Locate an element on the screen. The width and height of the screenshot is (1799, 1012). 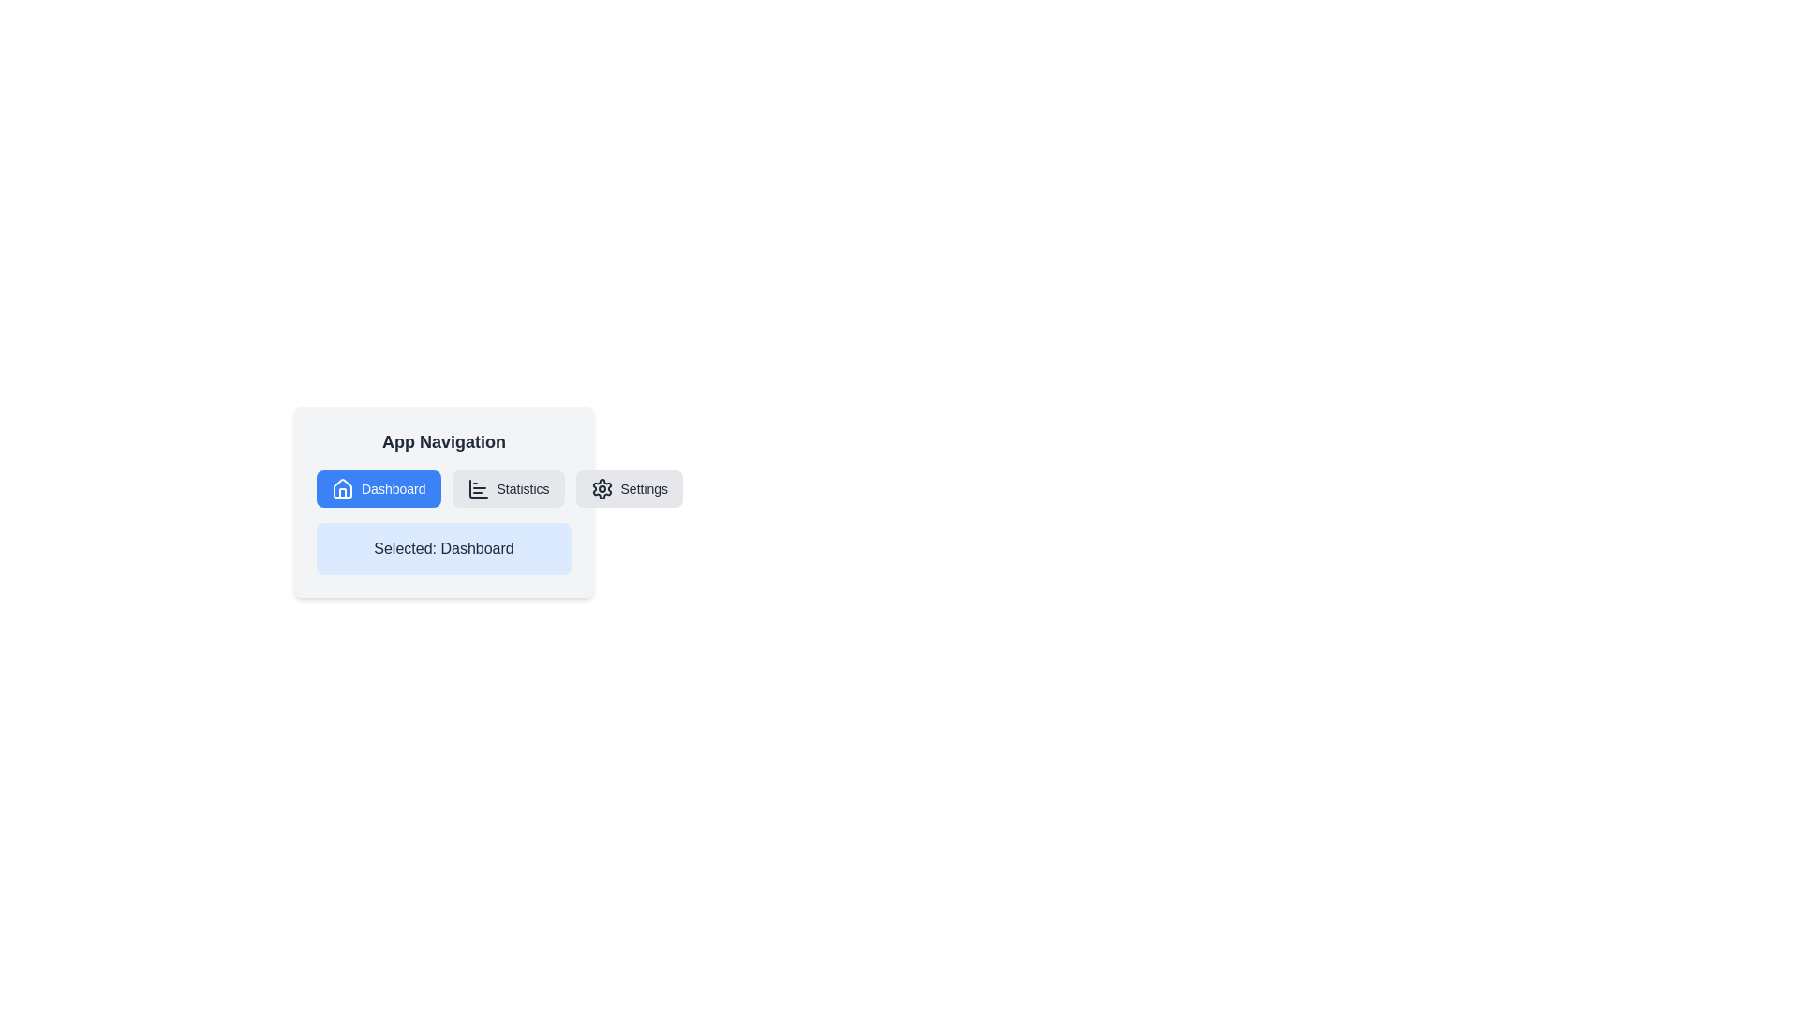
the 'Settings' text label, which serves as a label for the settings button in the navigation menu is located at coordinates (644, 487).